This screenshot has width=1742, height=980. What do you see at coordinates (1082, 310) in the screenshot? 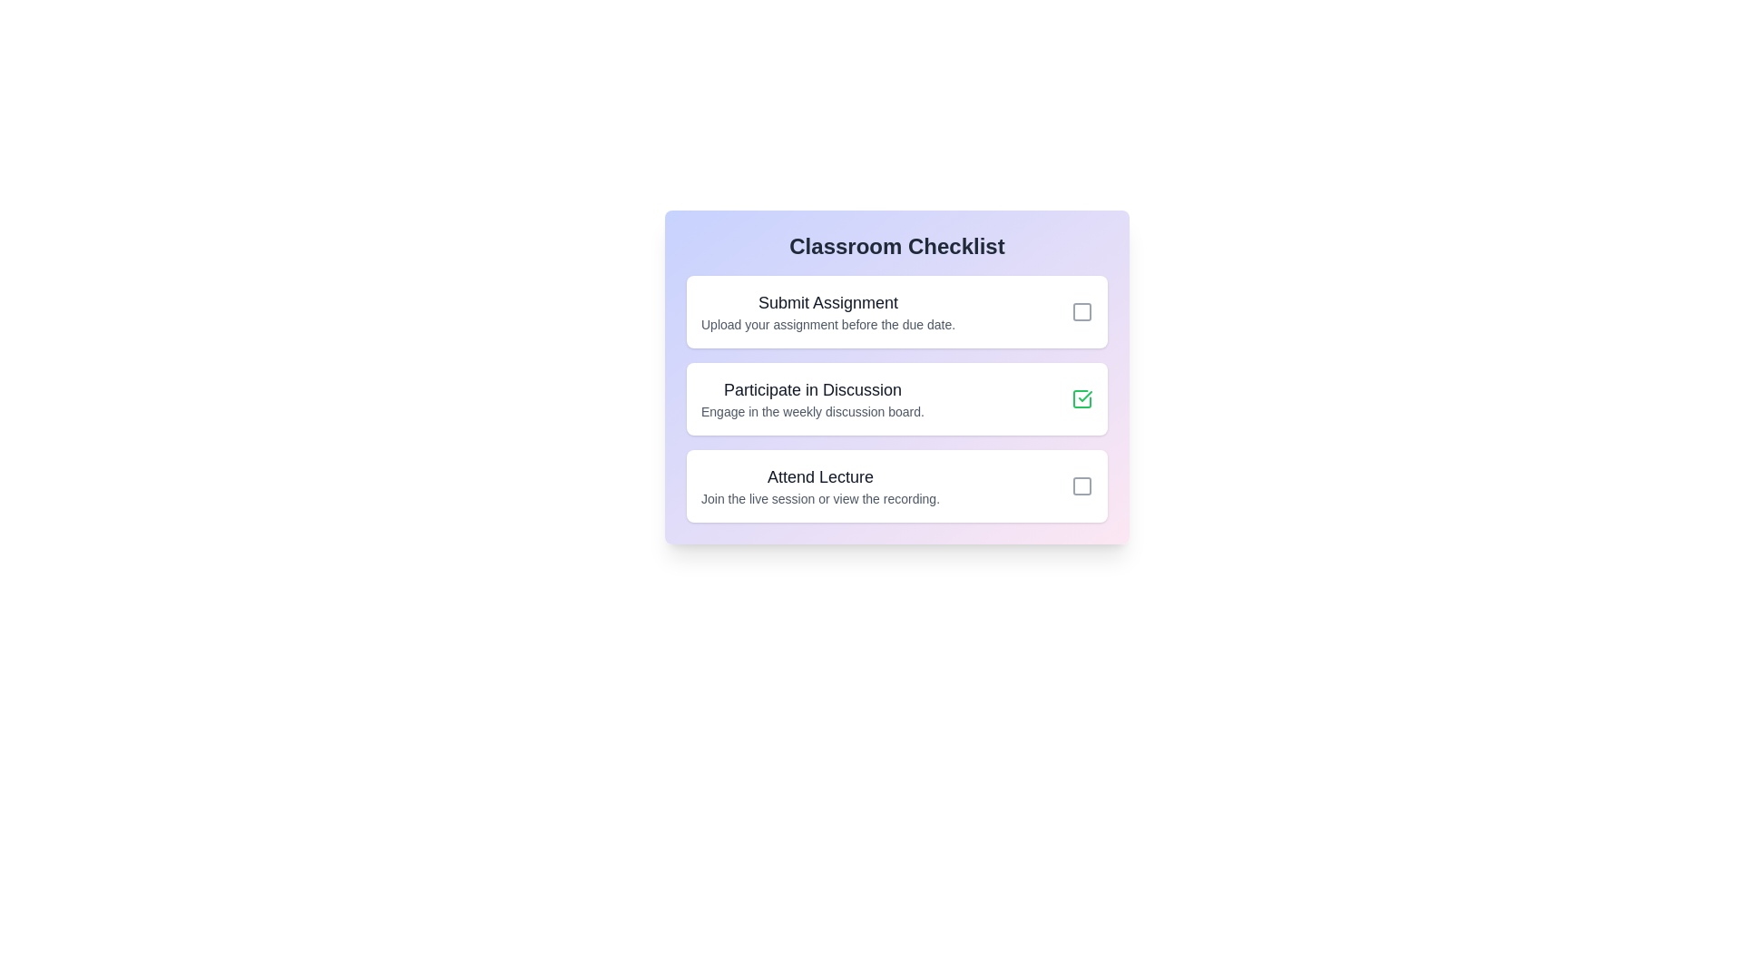
I see `the checkbox for the 'Submit Assignment' task located adjacent to the text 'Upload your assignment before the due date'` at bounding box center [1082, 310].